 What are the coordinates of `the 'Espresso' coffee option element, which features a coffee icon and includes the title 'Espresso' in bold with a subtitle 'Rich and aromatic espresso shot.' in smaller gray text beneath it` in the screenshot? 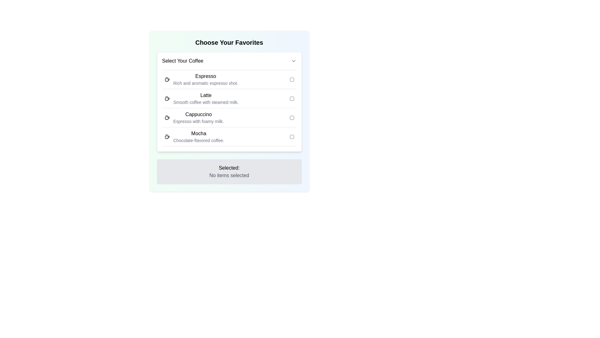 It's located at (201, 79).